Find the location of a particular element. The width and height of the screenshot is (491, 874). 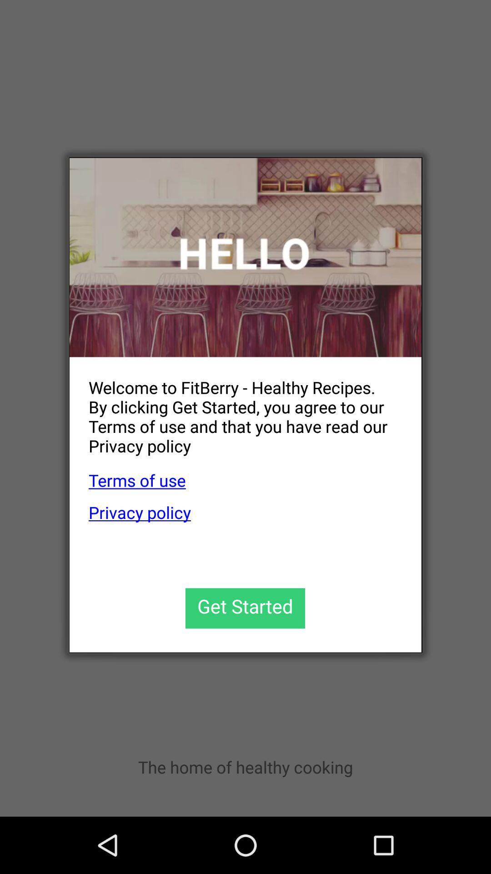

icon at the top is located at coordinates (245, 257).